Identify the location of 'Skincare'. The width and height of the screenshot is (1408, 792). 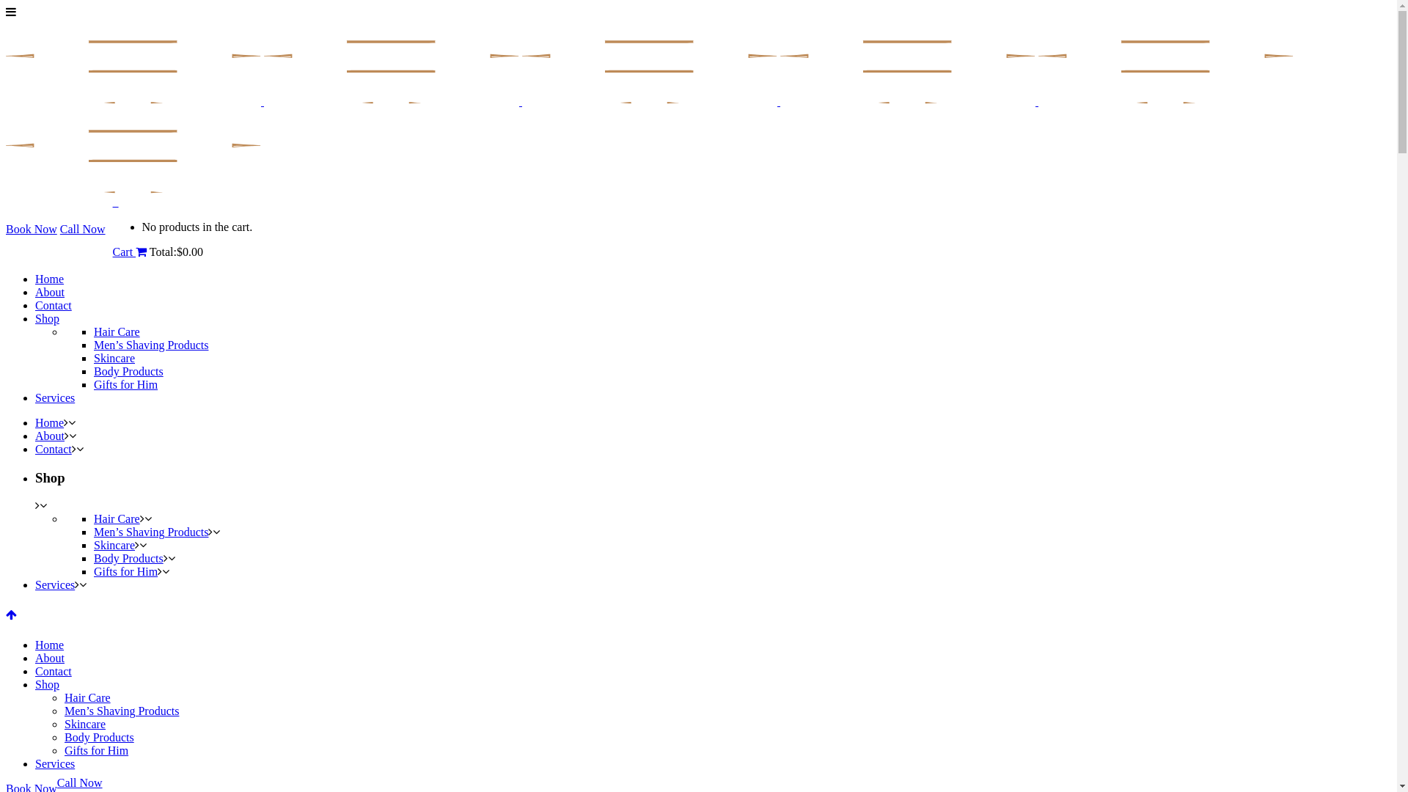
(114, 358).